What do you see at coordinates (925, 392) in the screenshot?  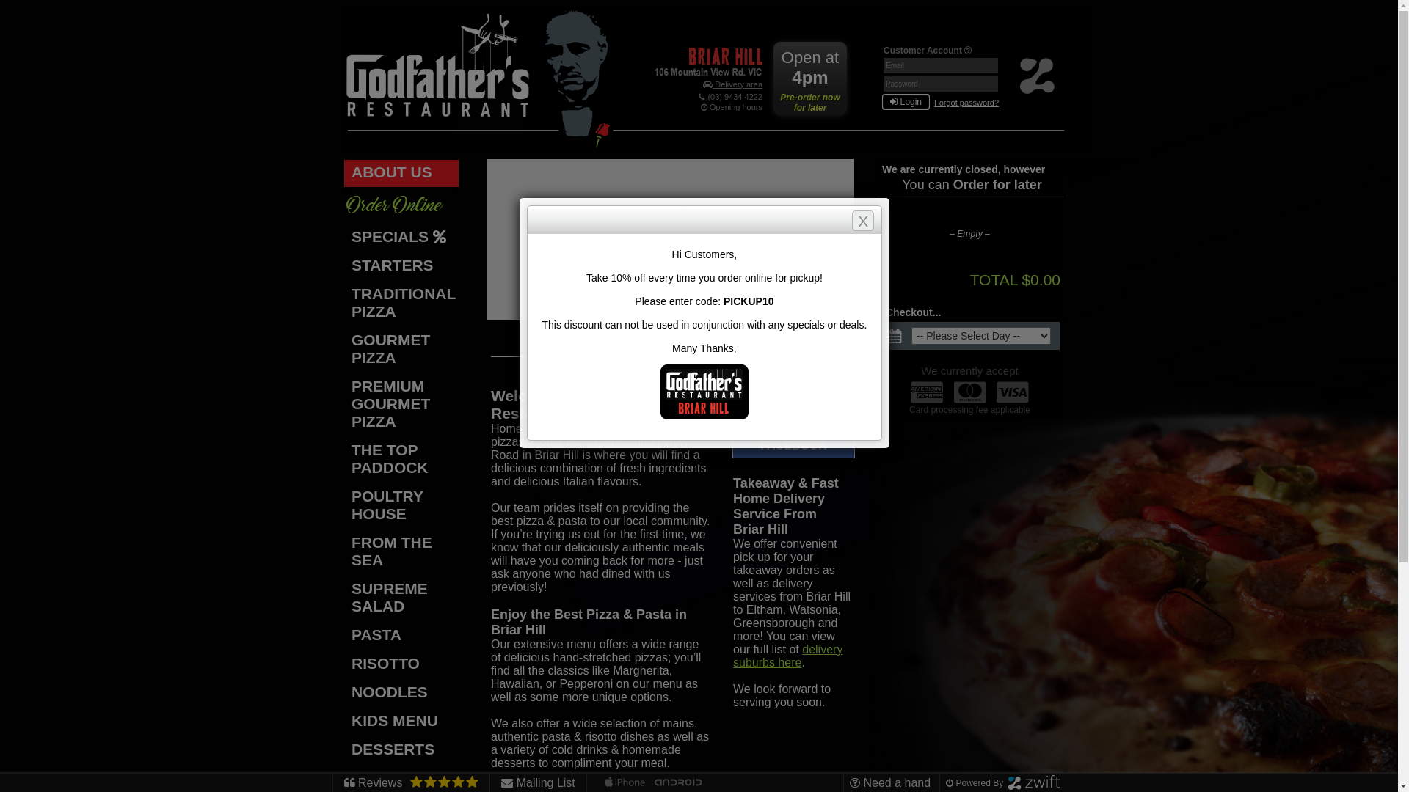 I see `'American Express'` at bounding box center [925, 392].